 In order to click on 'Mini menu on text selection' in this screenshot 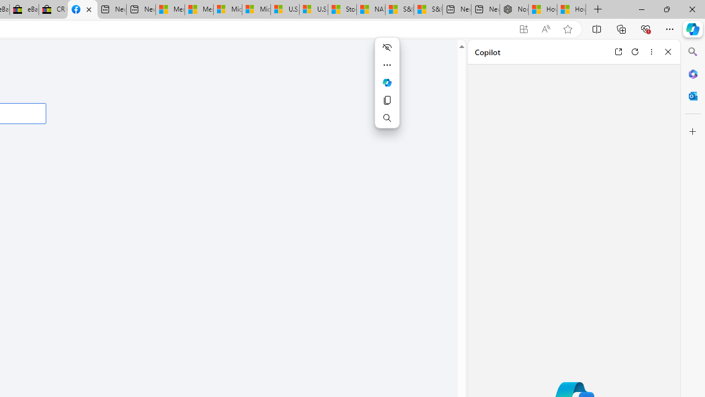, I will do `click(387, 89)`.